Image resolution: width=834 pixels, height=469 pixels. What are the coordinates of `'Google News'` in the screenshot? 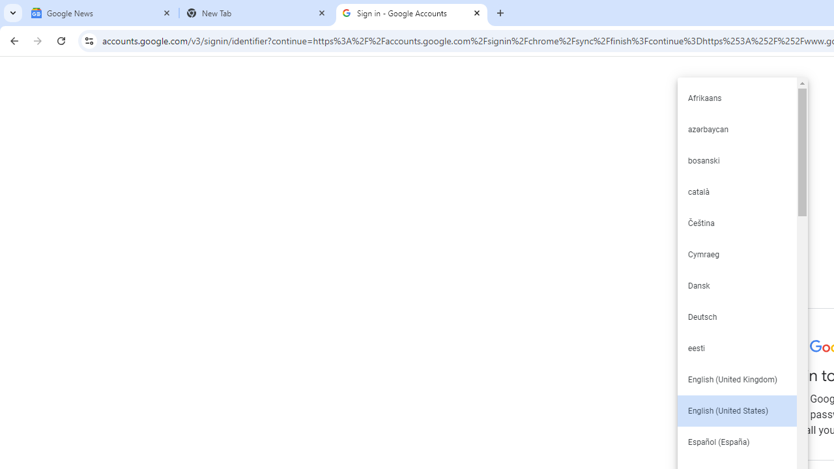 It's located at (101, 13).